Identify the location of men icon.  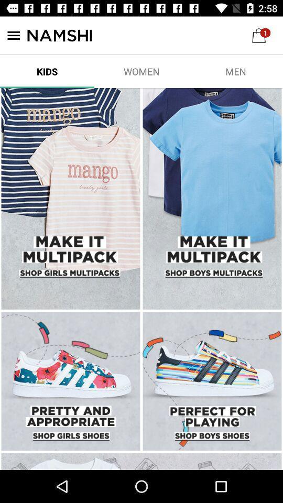
(235, 71).